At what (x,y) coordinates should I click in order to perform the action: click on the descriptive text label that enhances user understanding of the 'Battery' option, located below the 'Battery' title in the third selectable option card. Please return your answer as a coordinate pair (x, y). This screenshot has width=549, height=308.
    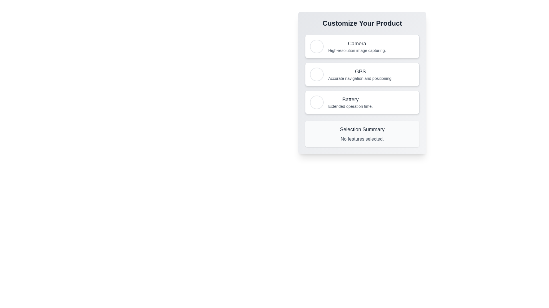
    Looking at the image, I should click on (350, 106).